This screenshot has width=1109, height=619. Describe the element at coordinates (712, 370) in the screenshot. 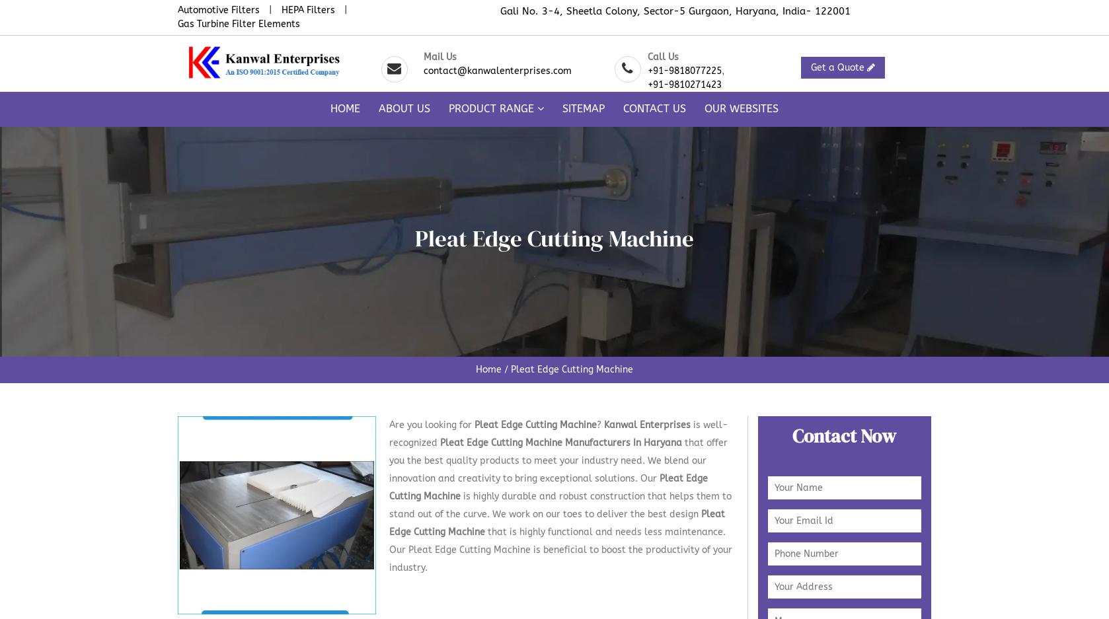

I see `'Yarn Winding Machine'` at that location.